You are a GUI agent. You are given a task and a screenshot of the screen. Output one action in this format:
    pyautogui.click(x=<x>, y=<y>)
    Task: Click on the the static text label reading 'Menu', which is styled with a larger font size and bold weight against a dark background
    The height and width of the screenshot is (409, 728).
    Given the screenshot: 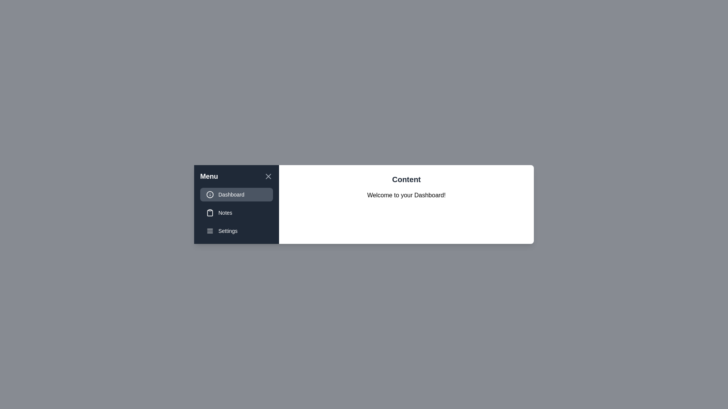 What is the action you would take?
    pyautogui.click(x=209, y=176)
    